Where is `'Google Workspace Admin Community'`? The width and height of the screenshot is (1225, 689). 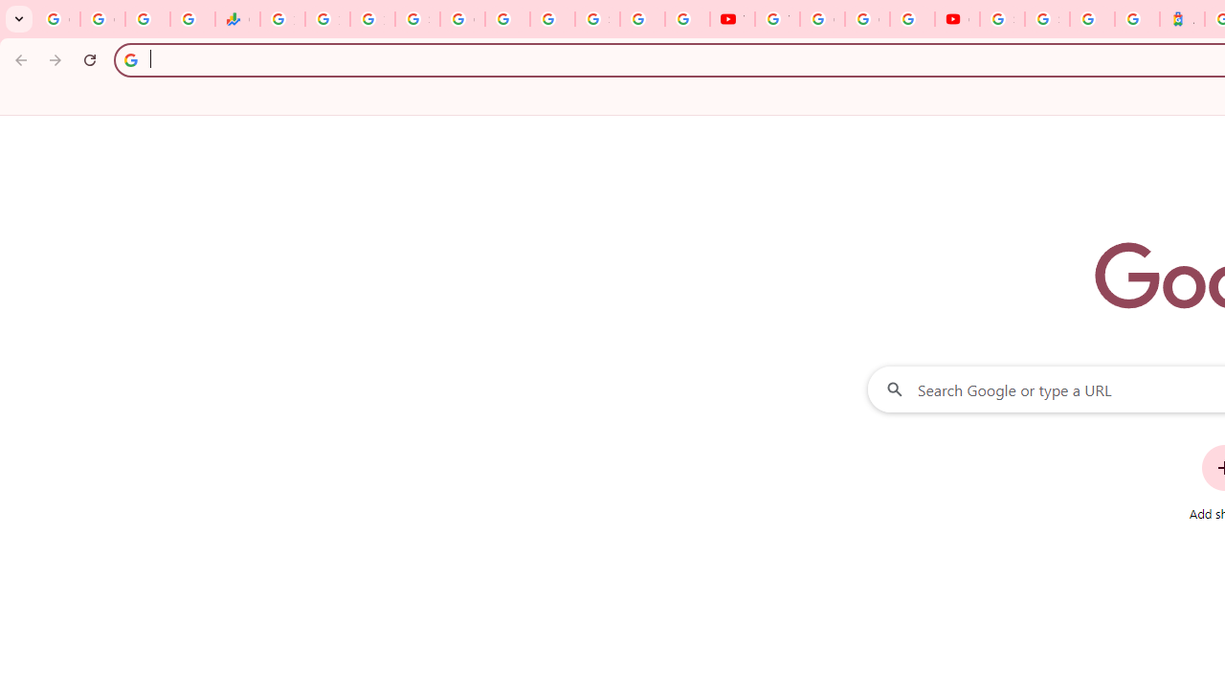
'Google Workspace Admin Community' is located at coordinates (57, 19).